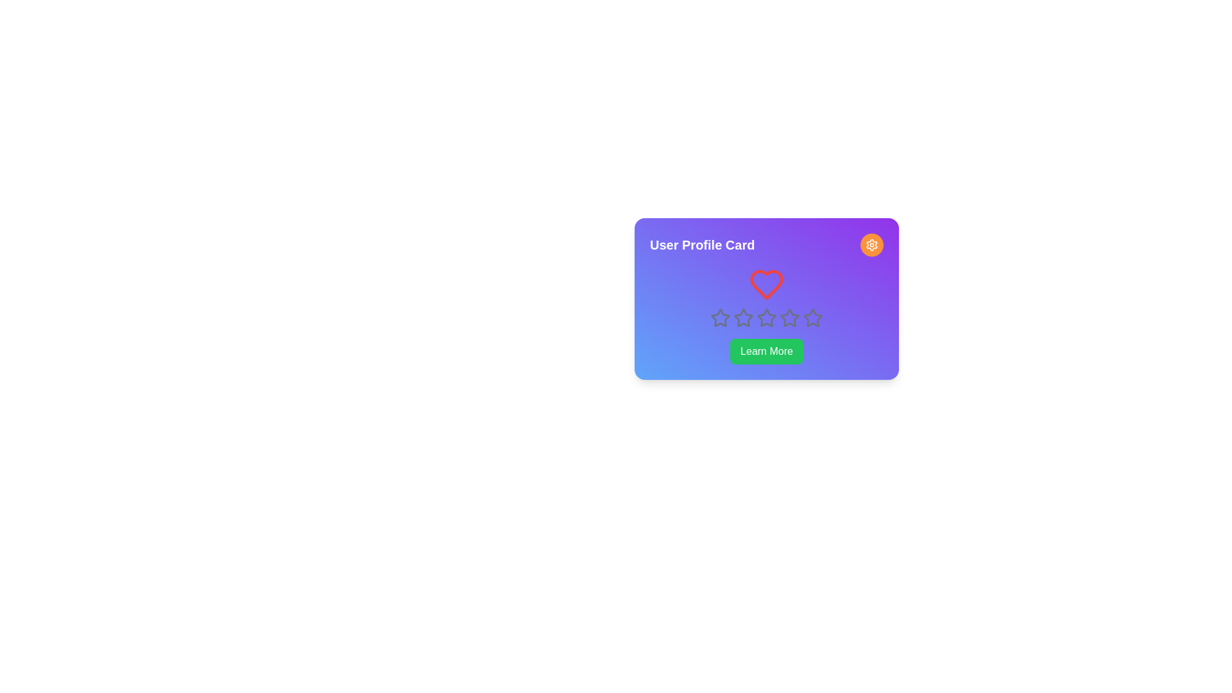 This screenshot has height=693, width=1232. I want to click on the fourth star icon in the rating interface, so click(788, 317).